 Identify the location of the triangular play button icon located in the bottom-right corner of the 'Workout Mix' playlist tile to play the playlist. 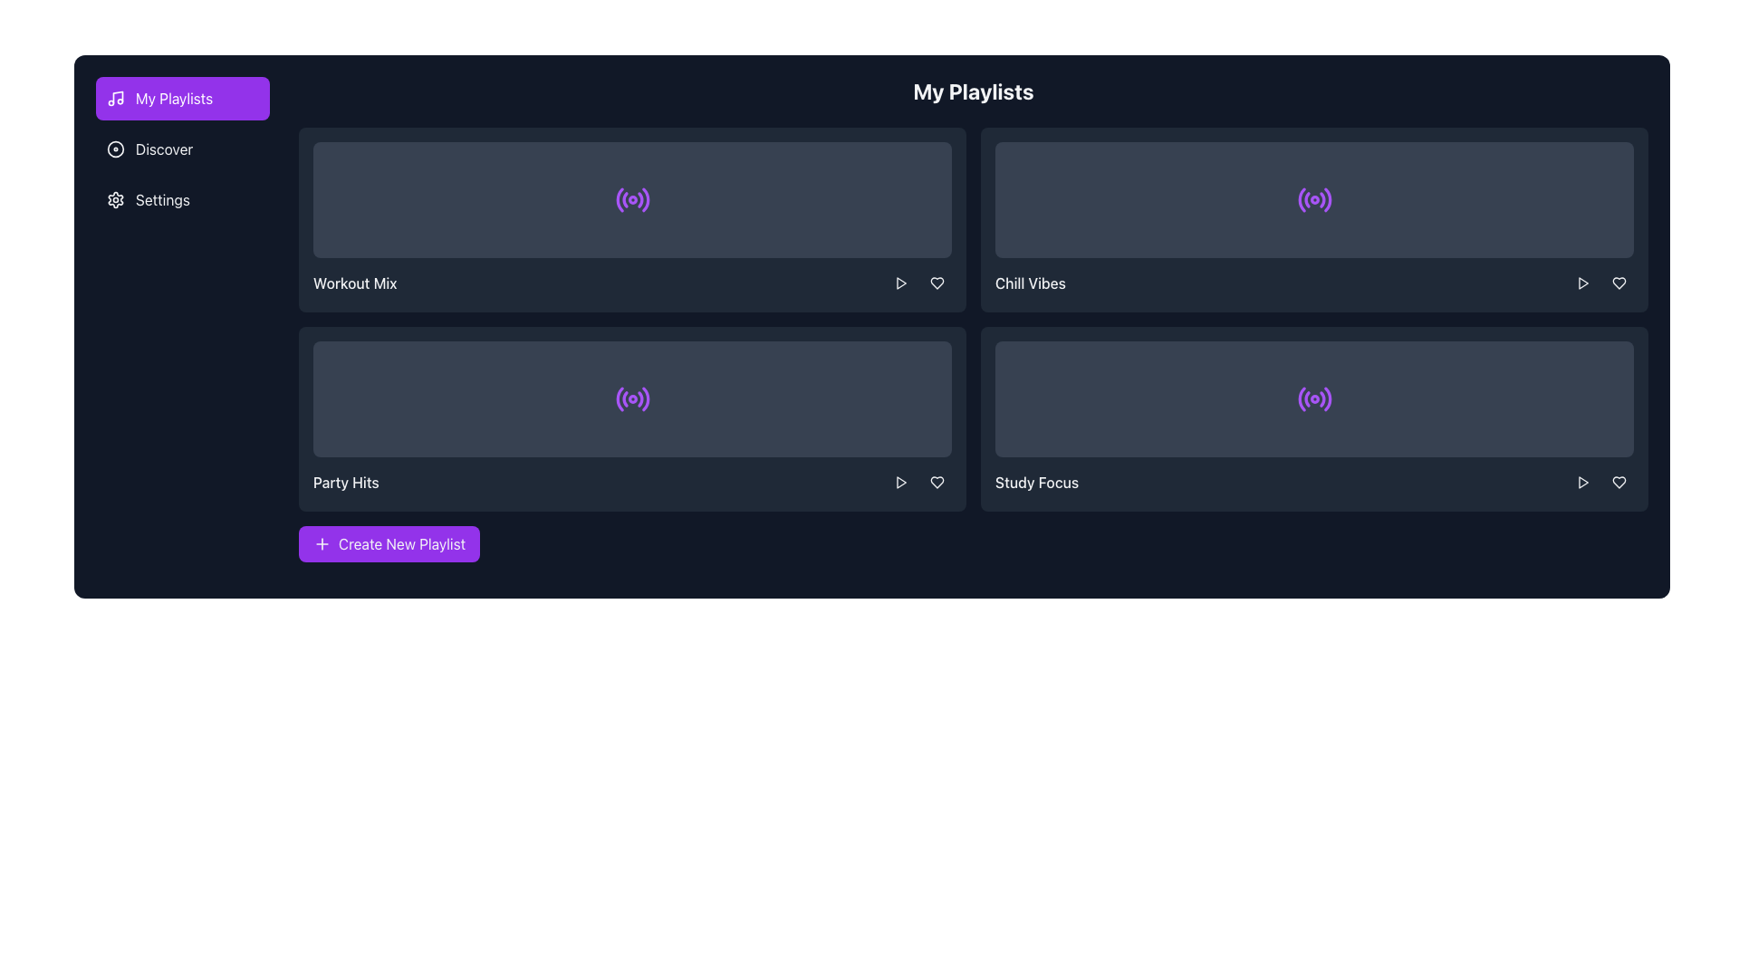
(901, 283).